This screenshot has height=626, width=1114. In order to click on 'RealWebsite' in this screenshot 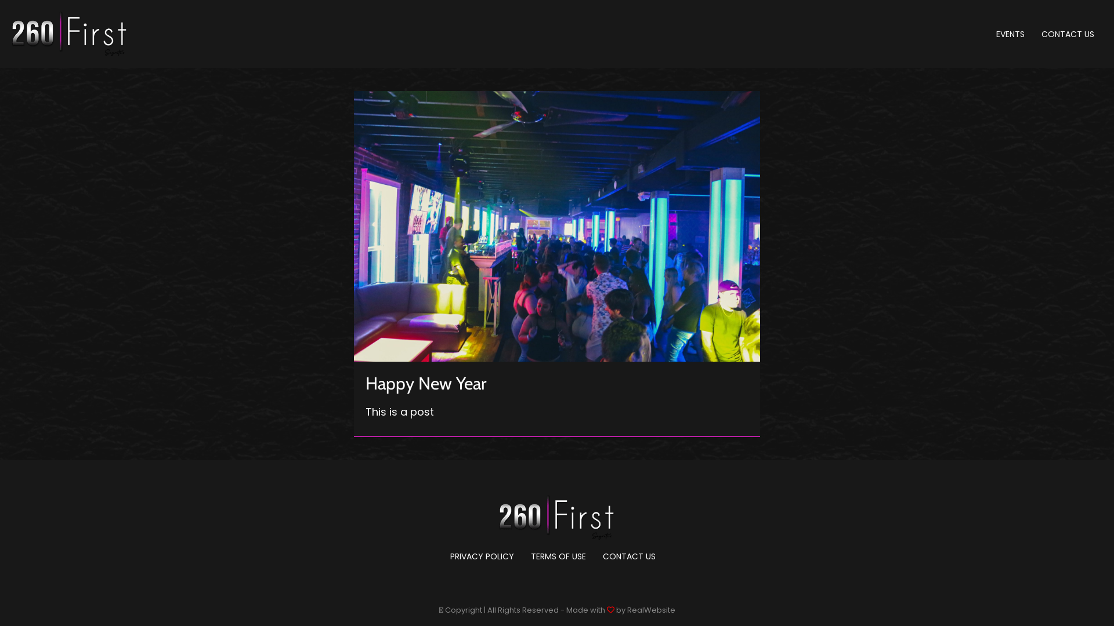, I will do `click(650, 609)`.